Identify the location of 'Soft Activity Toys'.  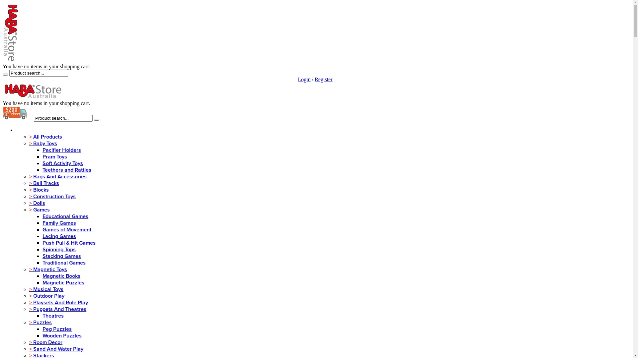
(62, 163).